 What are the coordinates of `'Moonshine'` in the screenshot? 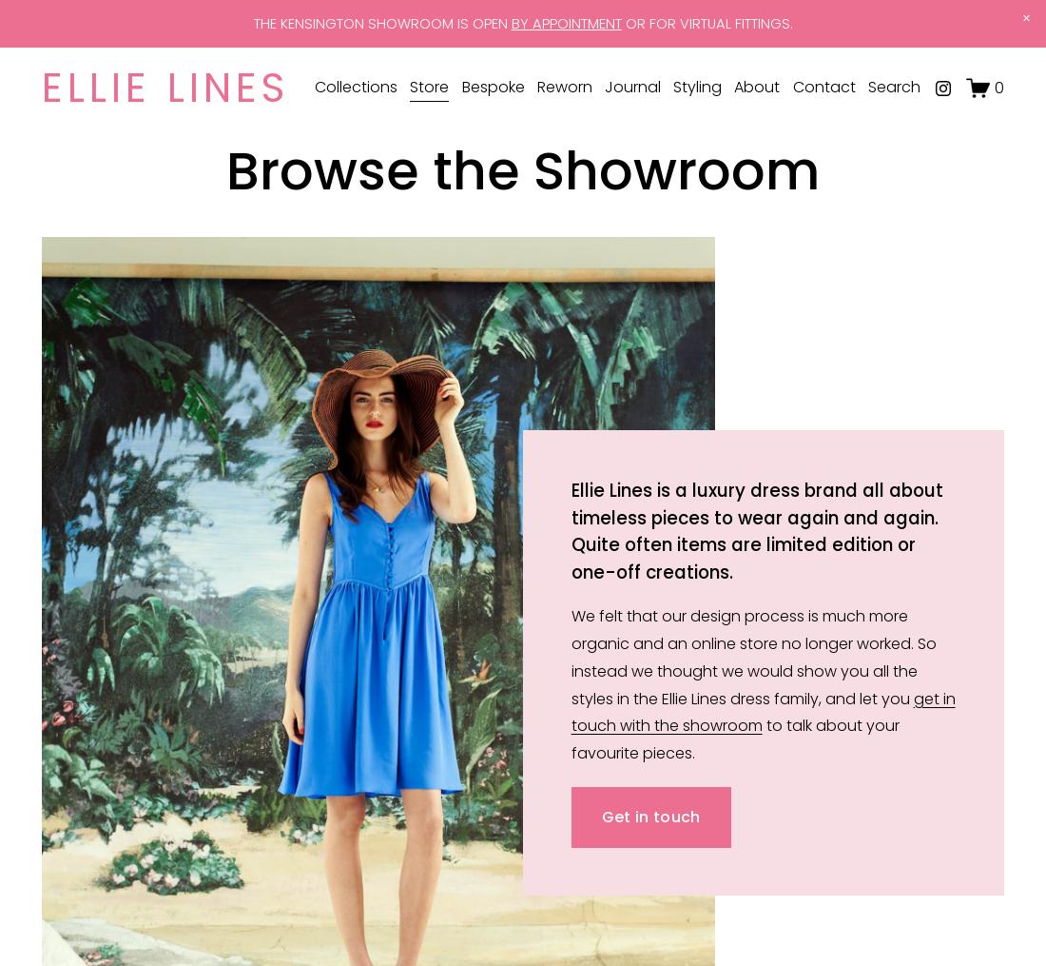 It's located at (314, 325).